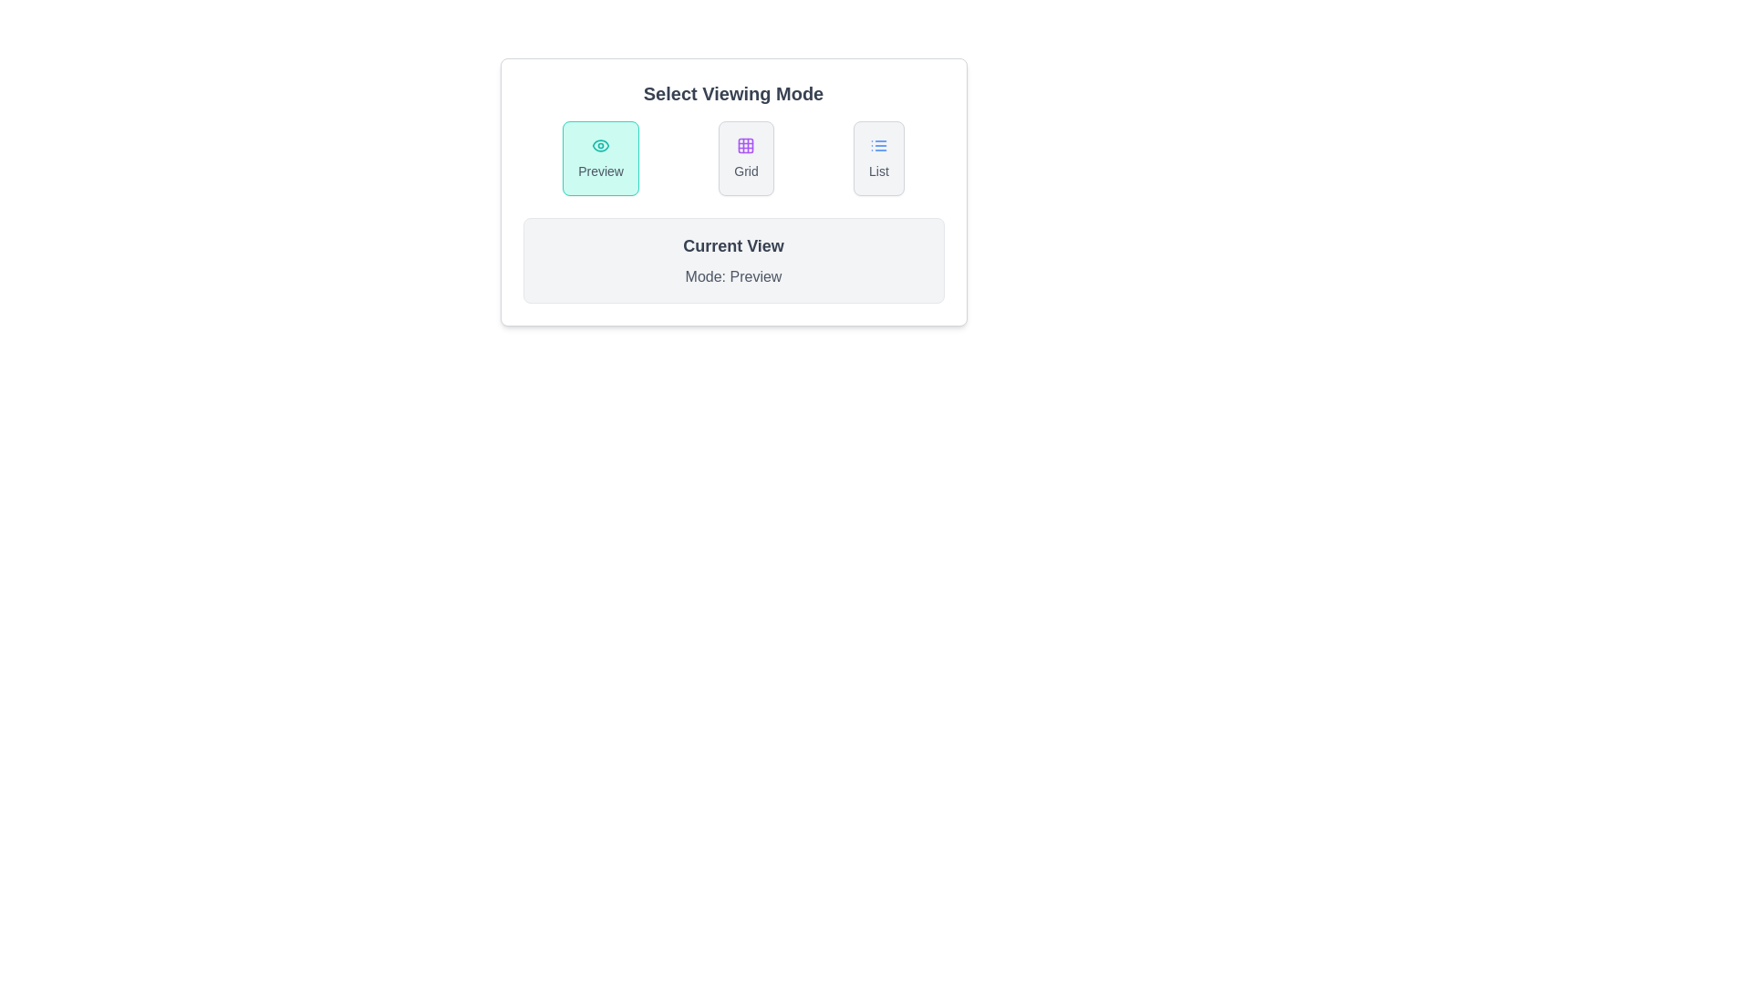 This screenshot has height=985, width=1751. I want to click on the teal hollow eye icon located at the center of the 'Preview' mode selection button, so click(601, 144).